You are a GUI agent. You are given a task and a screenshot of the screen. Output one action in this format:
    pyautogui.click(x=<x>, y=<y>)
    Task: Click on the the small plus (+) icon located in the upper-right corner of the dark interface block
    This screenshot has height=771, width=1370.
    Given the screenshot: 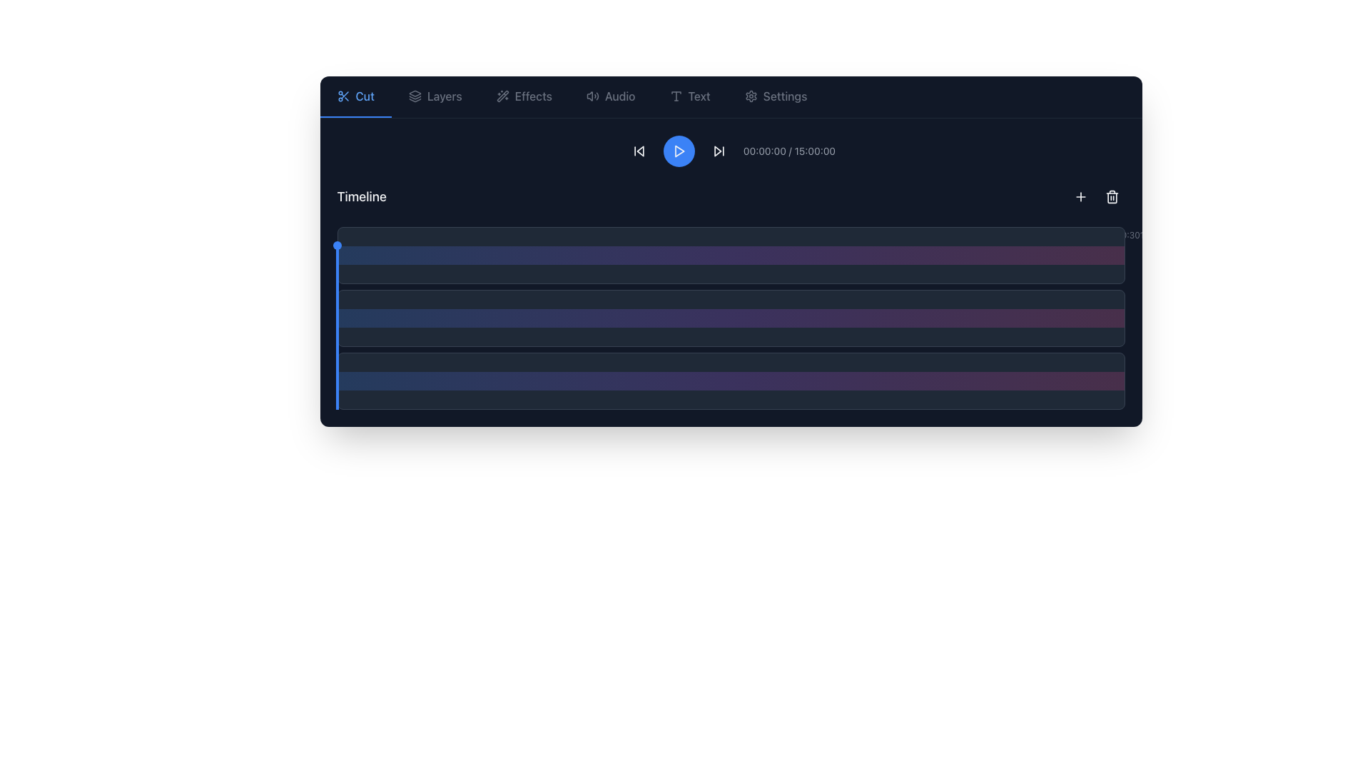 What is the action you would take?
    pyautogui.click(x=1080, y=197)
    